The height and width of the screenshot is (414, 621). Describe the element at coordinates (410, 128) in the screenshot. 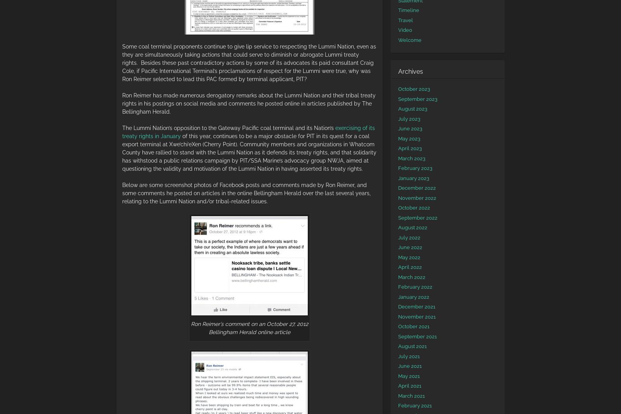

I see `'June 2023'` at that location.